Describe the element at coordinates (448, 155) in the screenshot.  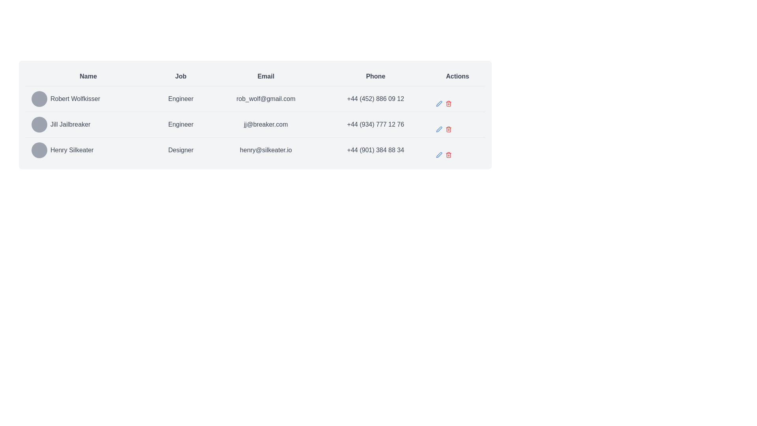
I see `the red trash bin icon button in the Actions column for the row corresponding to Henry Silkeater` at that location.